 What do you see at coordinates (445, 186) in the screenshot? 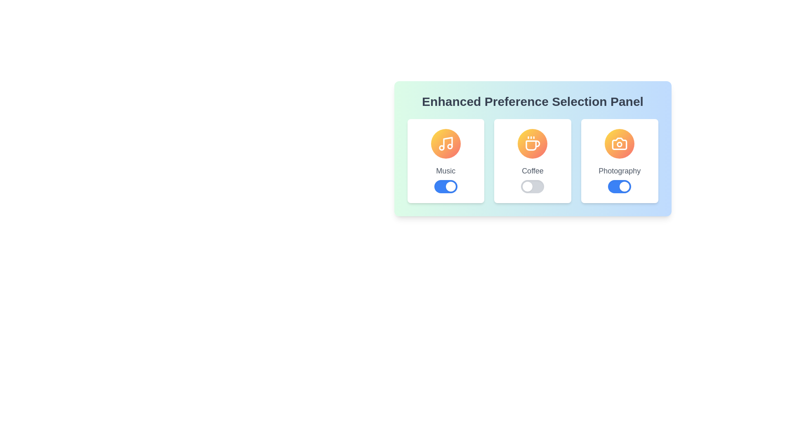
I see `the switch button for the Music preference to toggle its state` at bounding box center [445, 186].